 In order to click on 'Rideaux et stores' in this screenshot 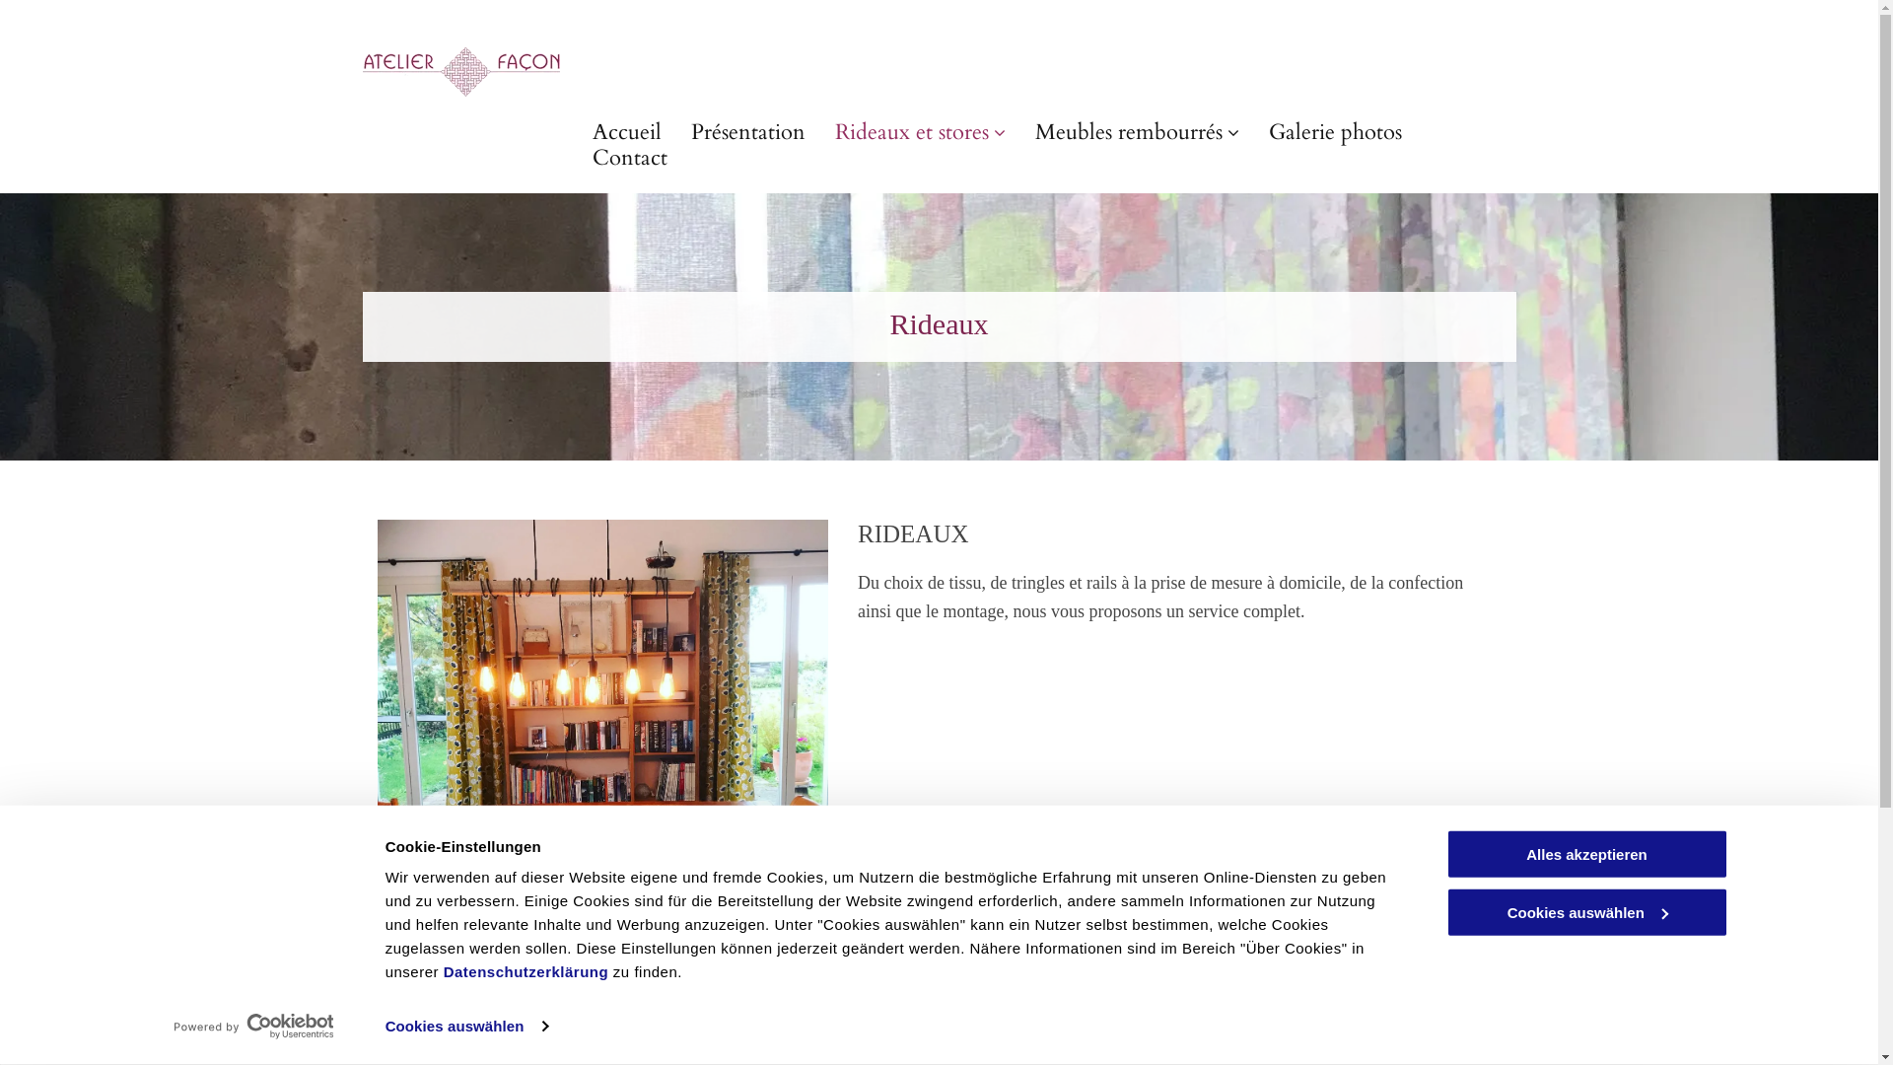, I will do `click(919, 132)`.